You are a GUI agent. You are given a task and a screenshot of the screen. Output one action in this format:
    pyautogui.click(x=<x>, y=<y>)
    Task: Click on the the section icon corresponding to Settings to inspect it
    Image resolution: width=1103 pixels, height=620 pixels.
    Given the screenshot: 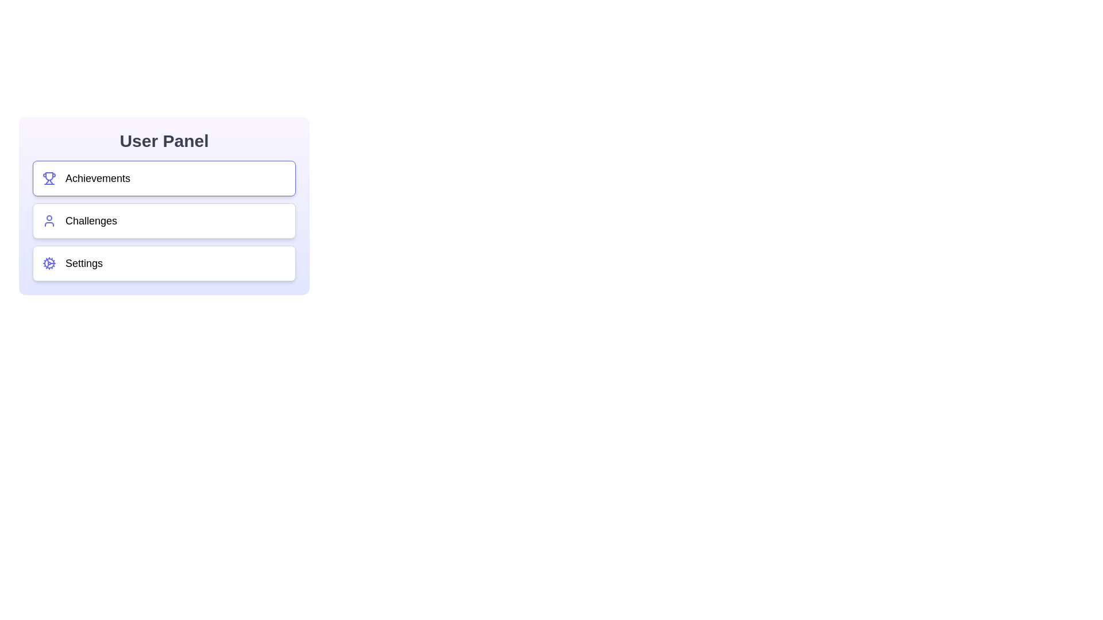 What is the action you would take?
    pyautogui.click(x=49, y=263)
    